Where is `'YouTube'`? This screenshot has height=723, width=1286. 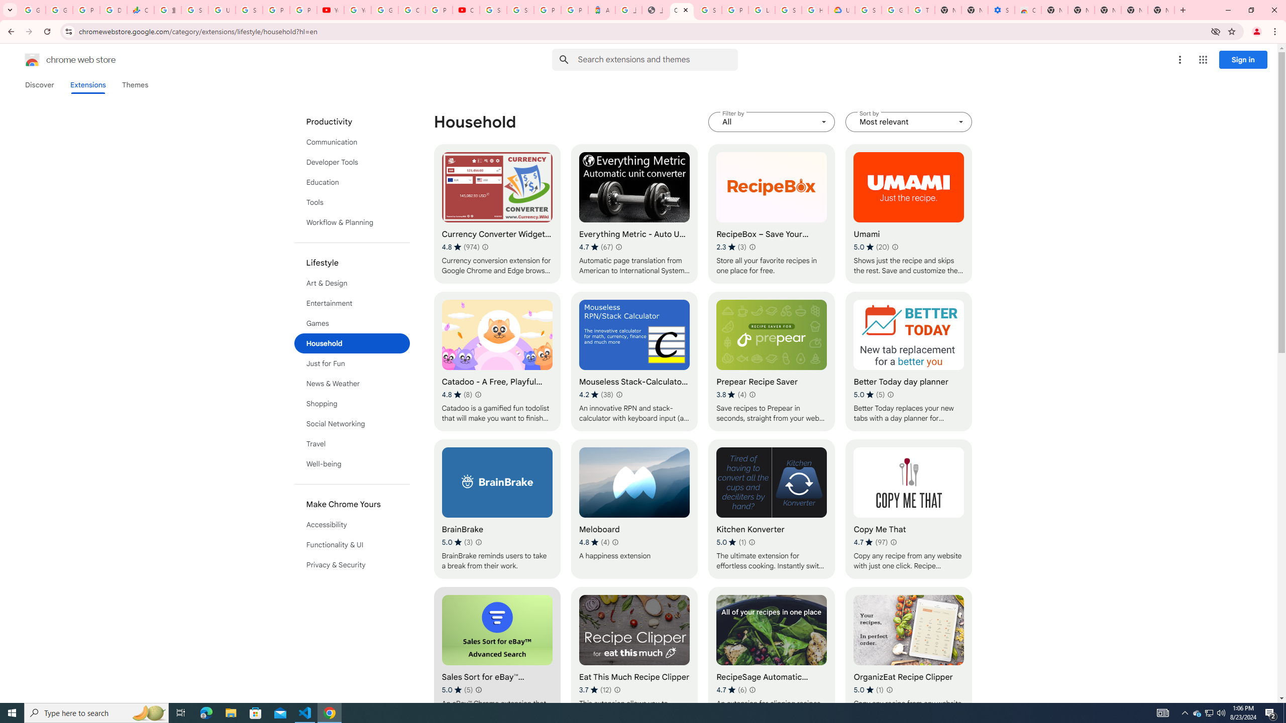 'YouTube' is located at coordinates (357, 10).